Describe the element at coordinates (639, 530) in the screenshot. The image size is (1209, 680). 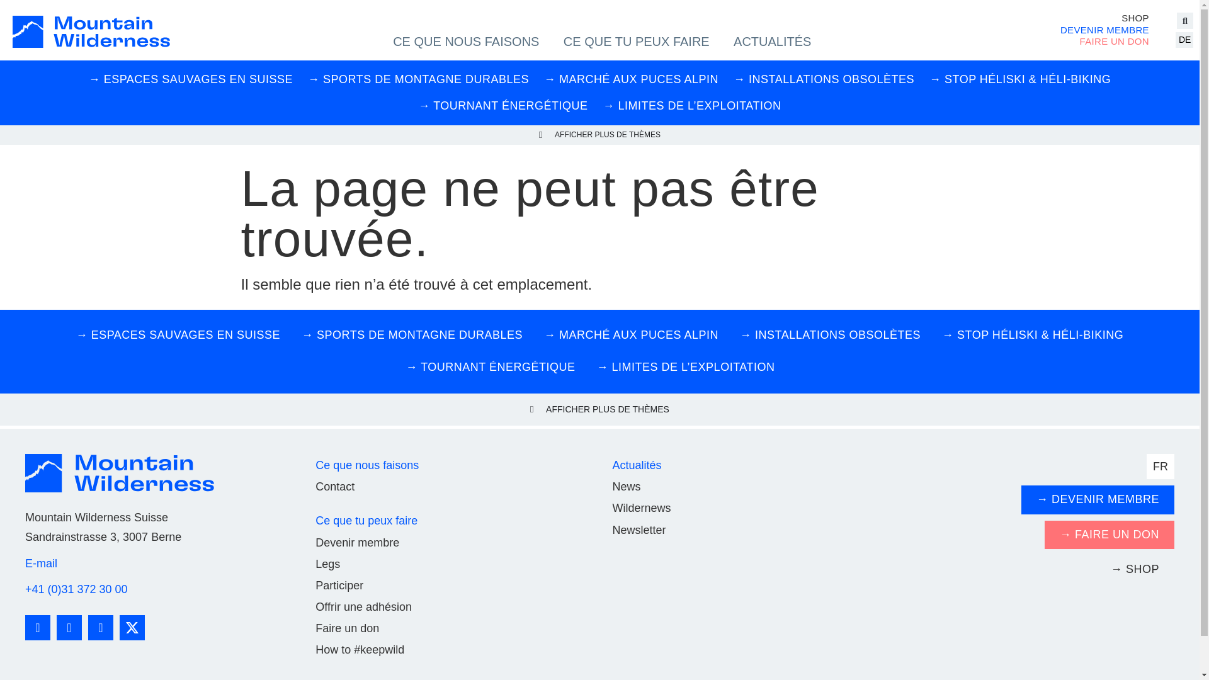
I see `'Newsletter'` at that location.